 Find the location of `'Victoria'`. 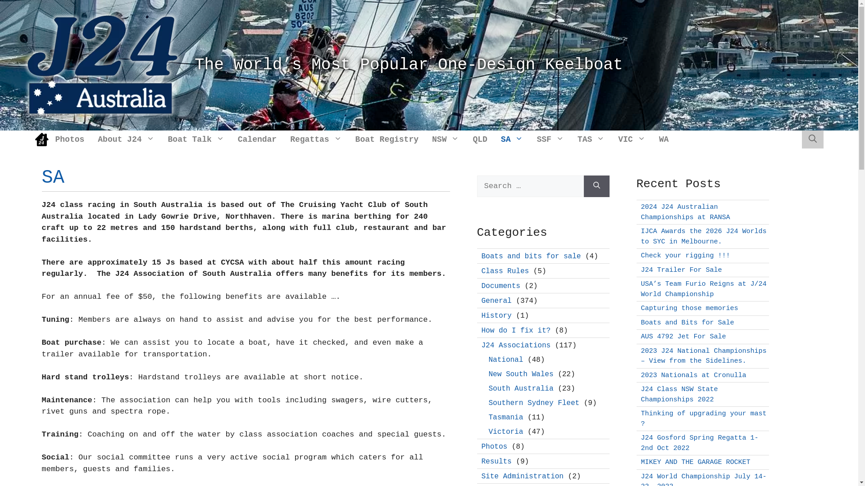

'Victoria' is located at coordinates (505, 431).